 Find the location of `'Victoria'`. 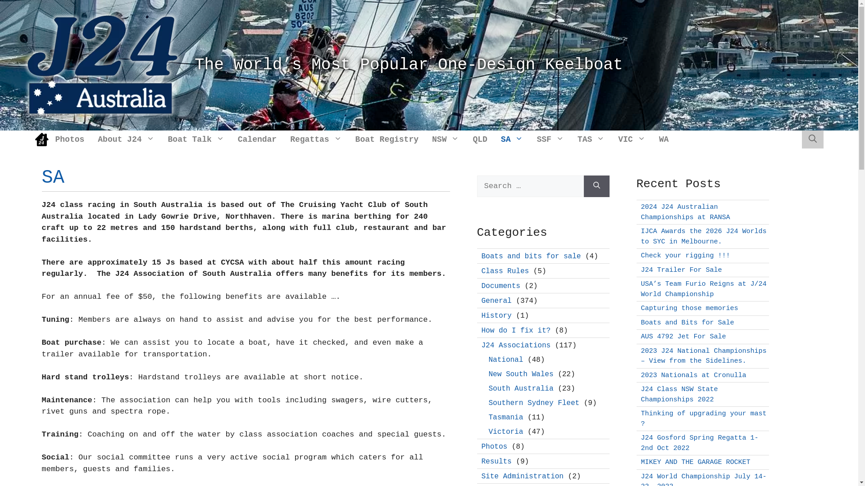

'Victoria' is located at coordinates (505, 431).